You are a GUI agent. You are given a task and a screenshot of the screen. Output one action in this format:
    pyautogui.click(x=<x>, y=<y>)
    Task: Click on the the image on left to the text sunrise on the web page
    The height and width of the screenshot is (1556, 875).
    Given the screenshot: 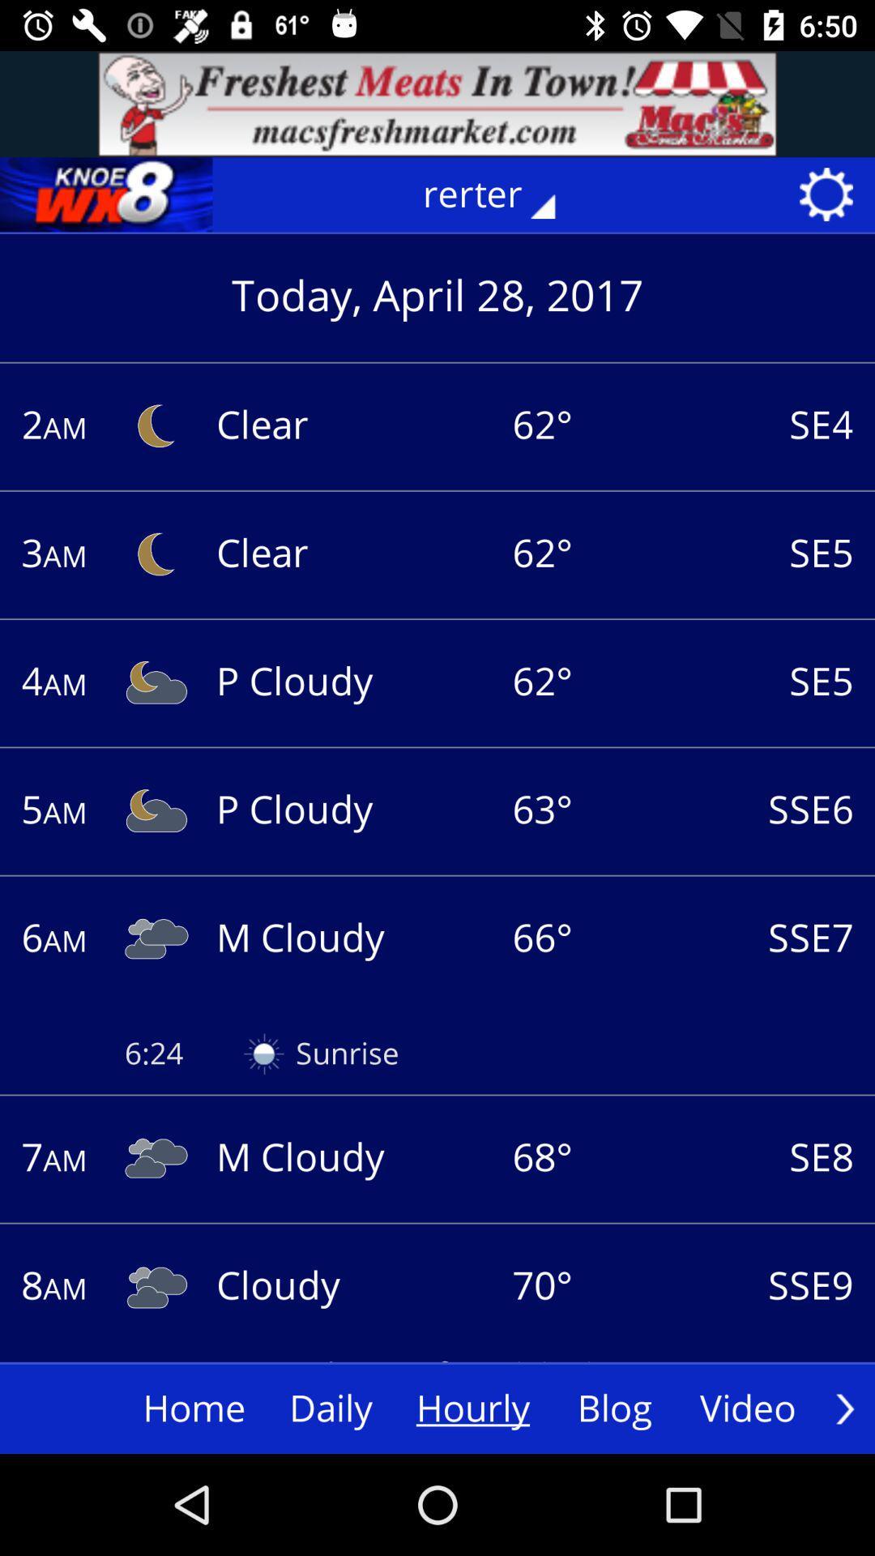 What is the action you would take?
    pyautogui.click(x=263, y=1054)
    